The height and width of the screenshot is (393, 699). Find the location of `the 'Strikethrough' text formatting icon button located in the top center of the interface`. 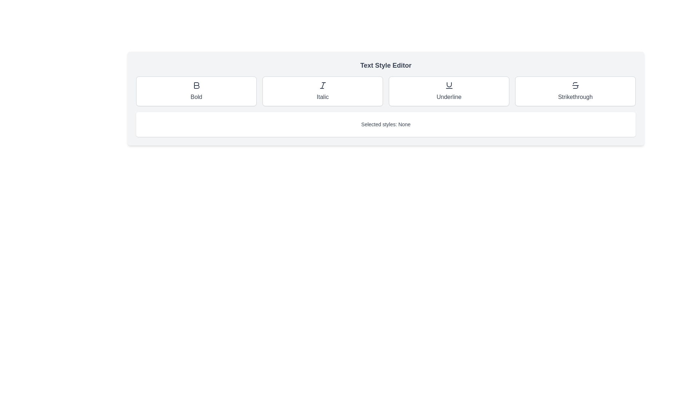

the 'Strikethrough' text formatting icon button located in the top center of the interface is located at coordinates (575, 85).